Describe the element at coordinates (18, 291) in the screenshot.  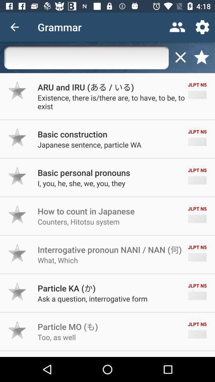
I see `bookmark this` at that location.